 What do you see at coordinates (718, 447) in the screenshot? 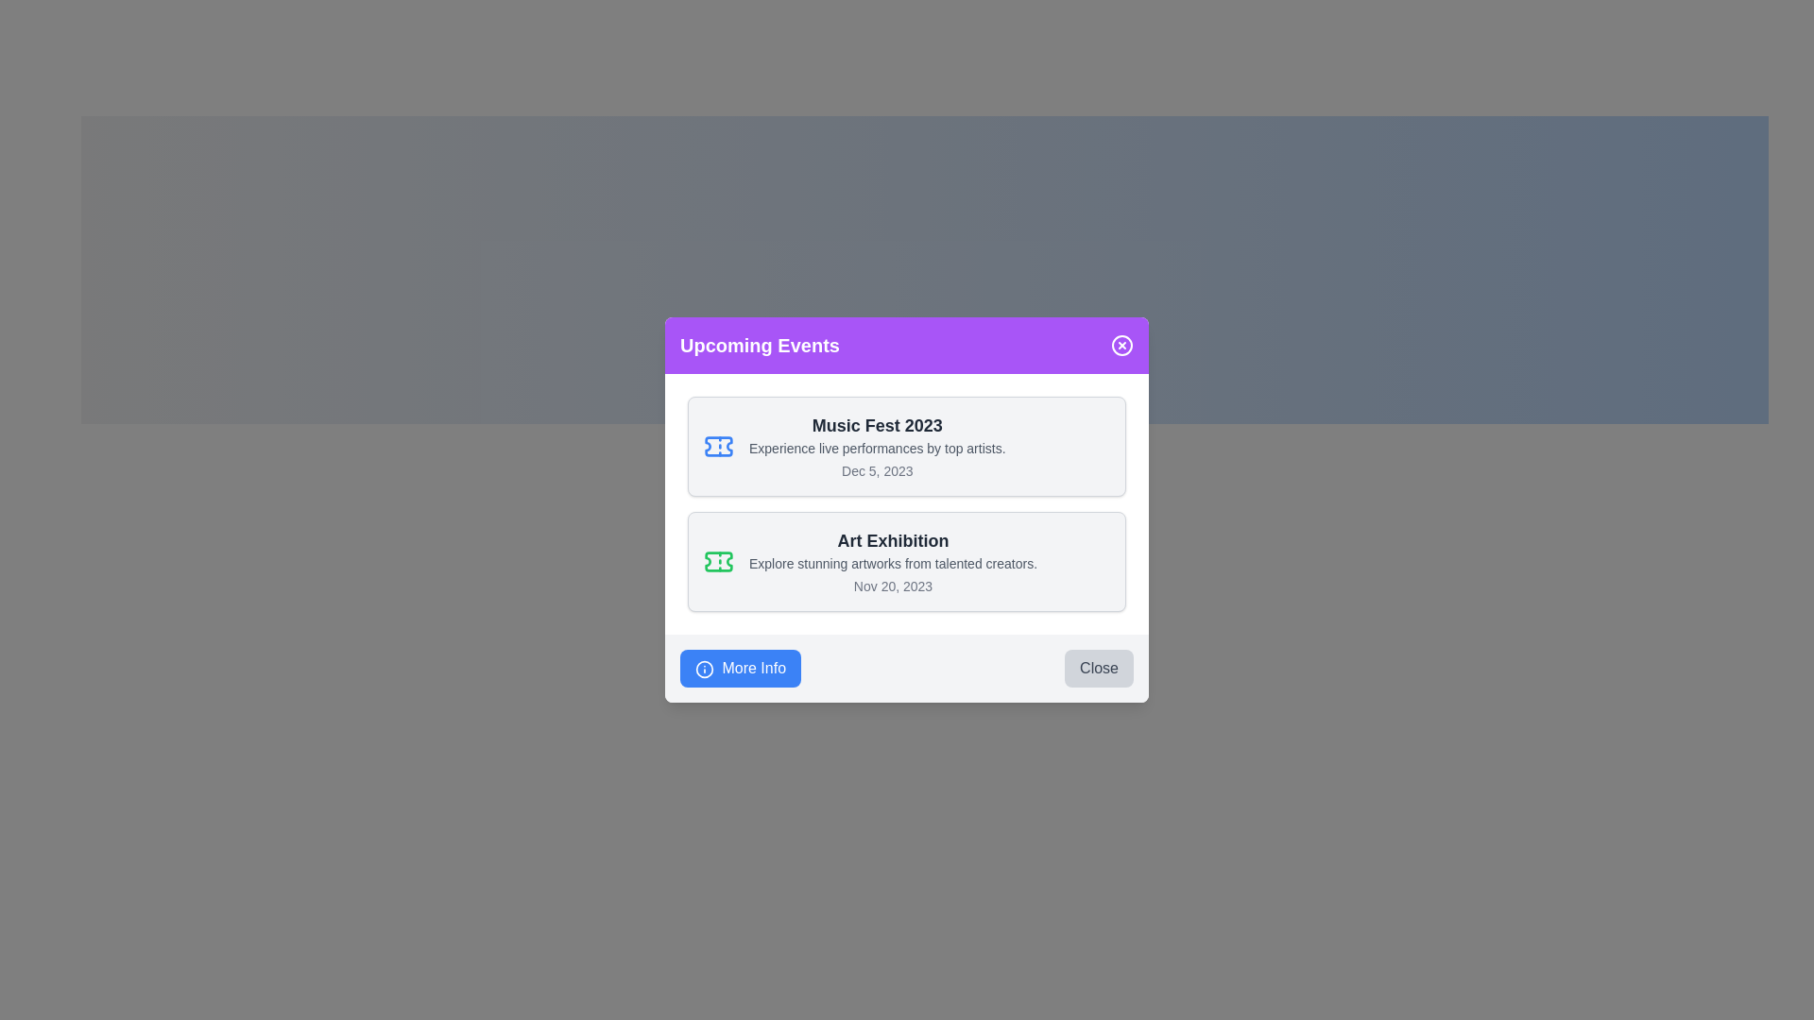
I see `the decorative graphic within the SVG icon located to the left of the 'Music Fest 2023' event title in the upper section of the 'Upcoming Events' modal window` at bounding box center [718, 447].